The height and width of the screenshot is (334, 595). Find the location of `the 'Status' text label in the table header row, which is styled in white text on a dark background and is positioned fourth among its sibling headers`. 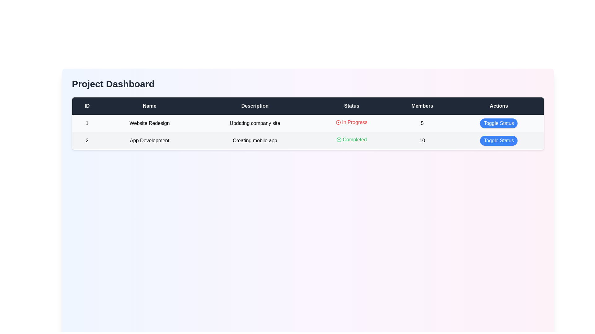

the 'Status' text label in the table header row, which is styled in white text on a dark background and is positioned fourth among its sibling headers is located at coordinates (351, 105).